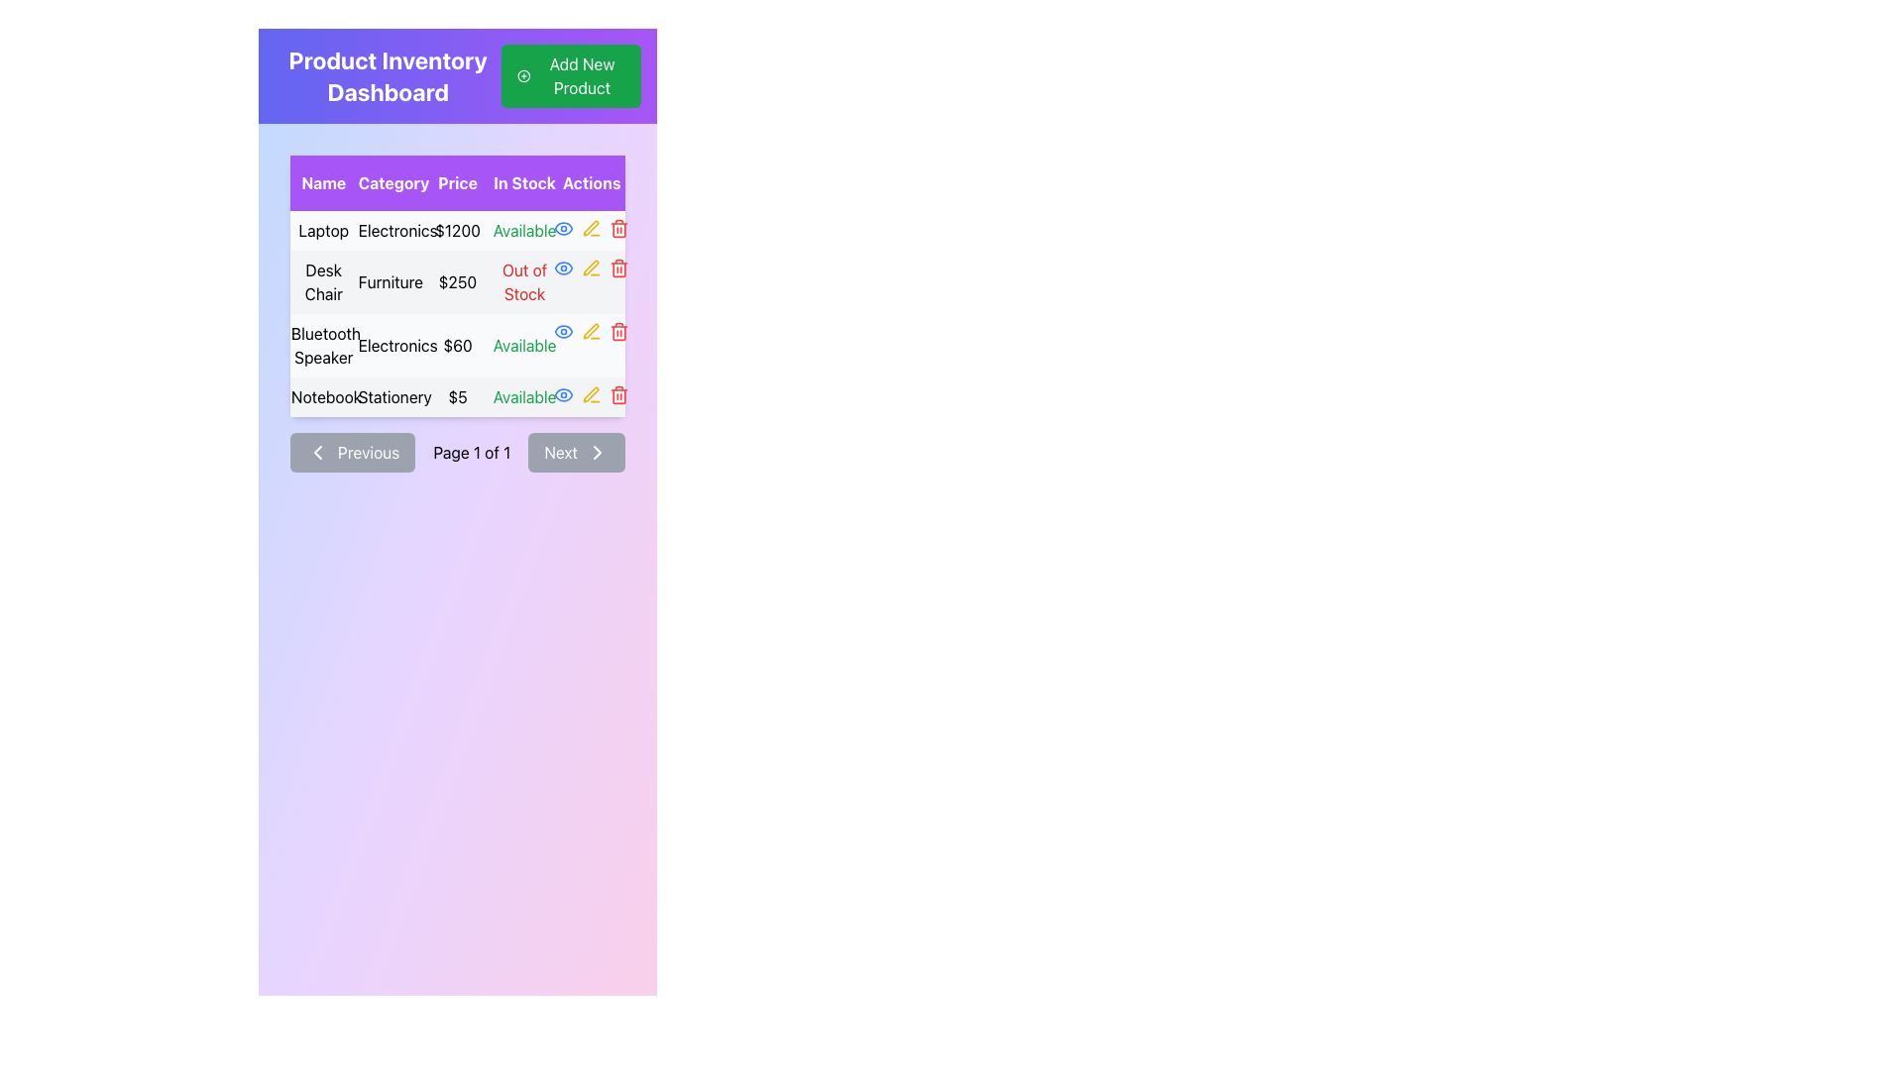 This screenshot has height=1070, width=1903. What do you see at coordinates (591, 228) in the screenshot?
I see `the orange pencil-shaped icon located in the 'Actions' column of the first row of the product table` at bounding box center [591, 228].